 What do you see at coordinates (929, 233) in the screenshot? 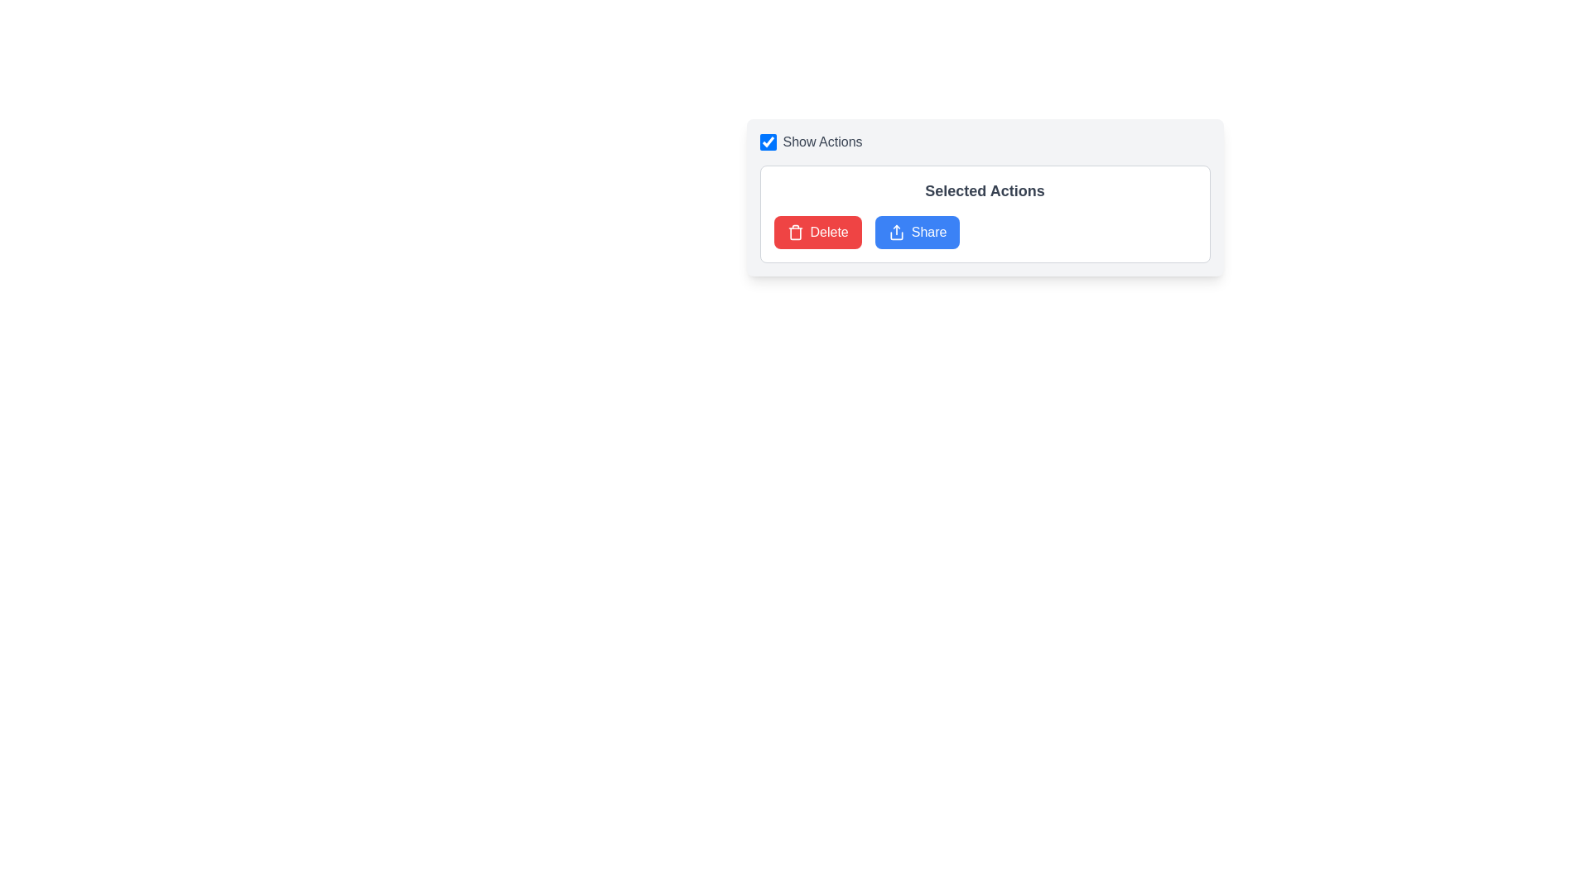
I see `the 'Share' button located in the lower right section of the visible card within the 'Selected Actions' area` at bounding box center [929, 233].